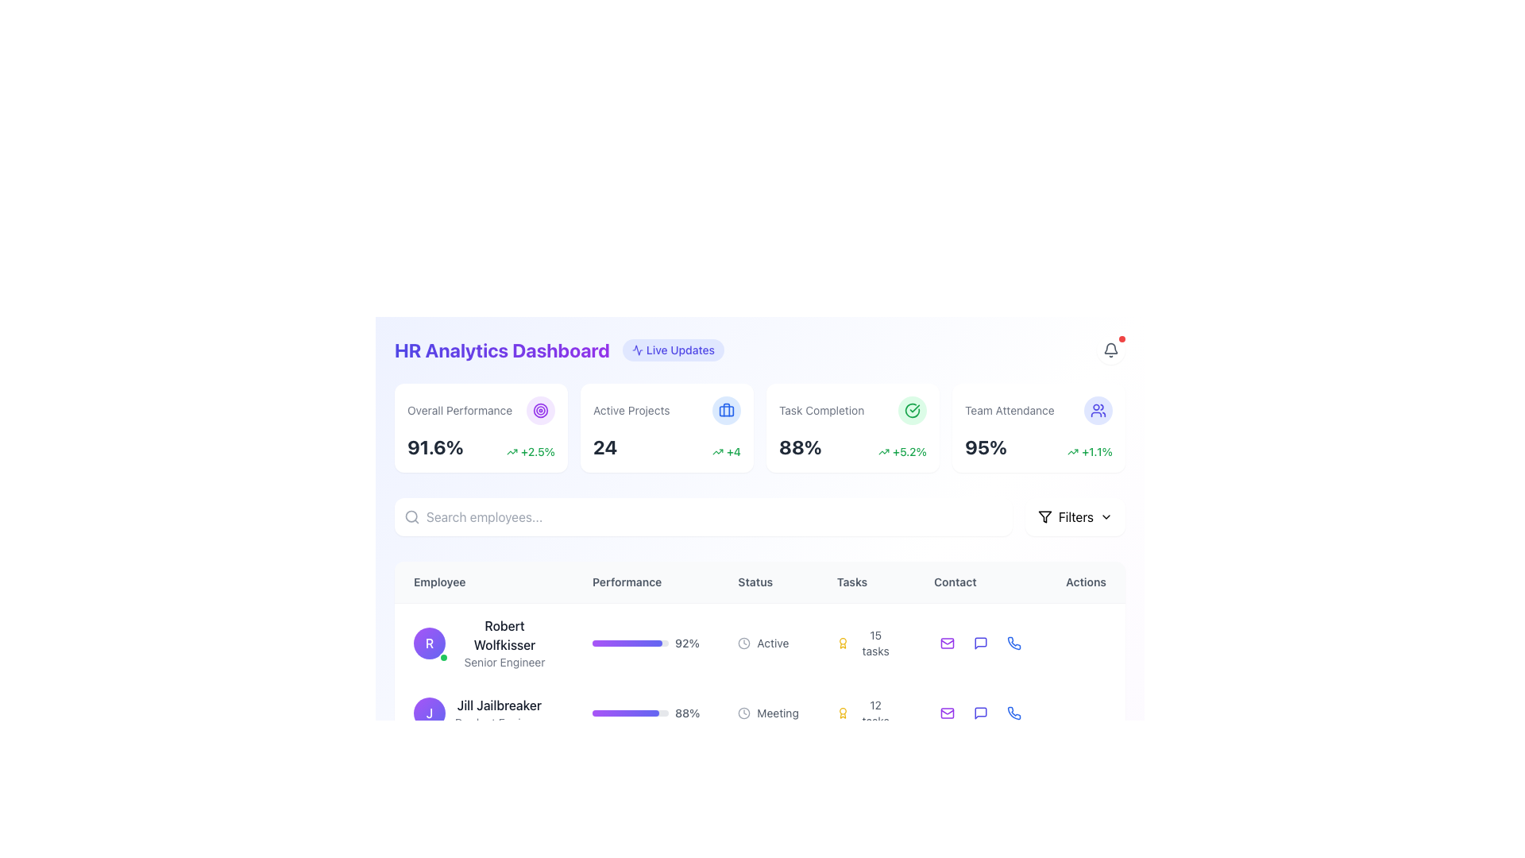 The width and height of the screenshot is (1525, 858). What do you see at coordinates (1013, 643) in the screenshot?
I see `the phone contact icon located on the right side of the 'Contact' column in the row associated with 'Jill Jailbreaker'` at bounding box center [1013, 643].